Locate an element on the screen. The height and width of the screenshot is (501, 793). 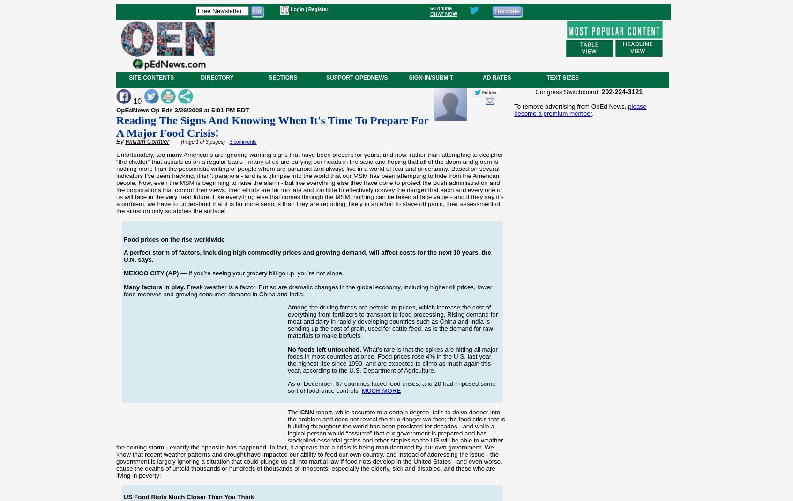
'William  Cormier' is located at coordinates (147, 141).